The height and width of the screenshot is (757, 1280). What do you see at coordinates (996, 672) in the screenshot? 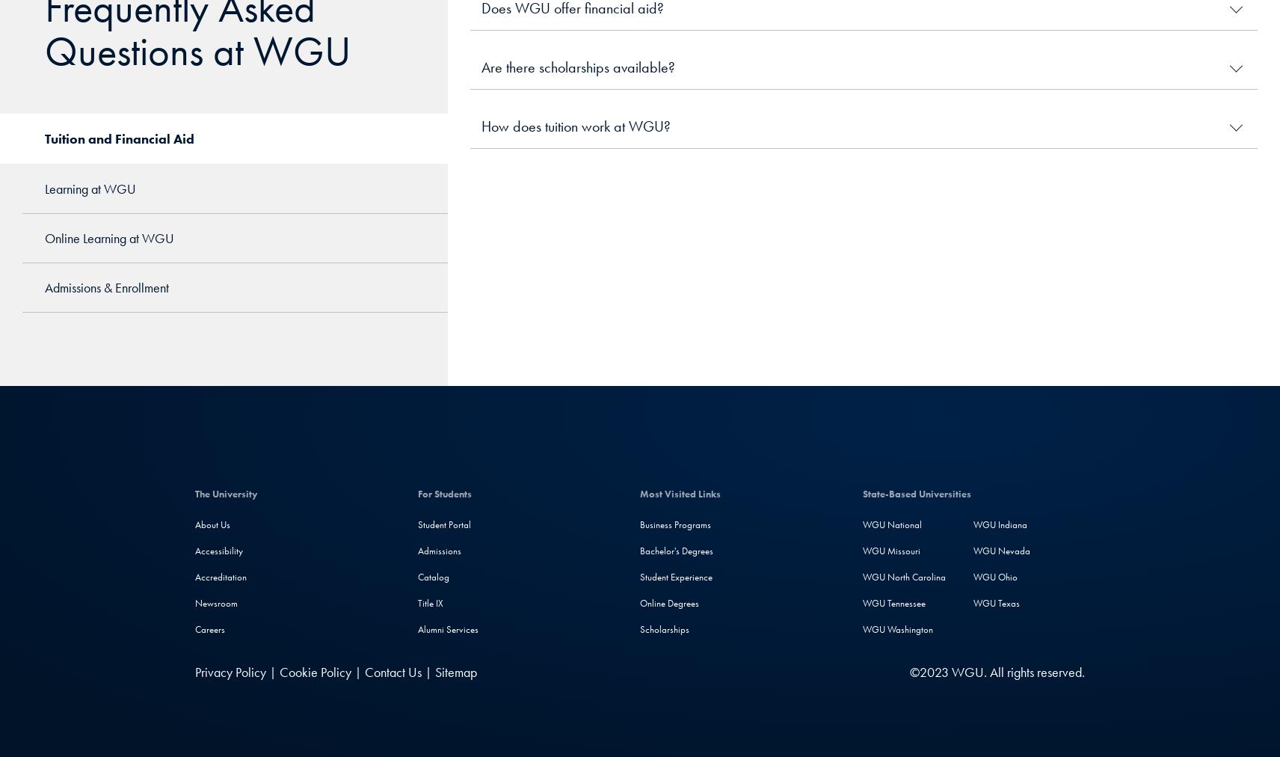
I see `'©2023 WGU. All rights reserved.'` at bounding box center [996, 672].